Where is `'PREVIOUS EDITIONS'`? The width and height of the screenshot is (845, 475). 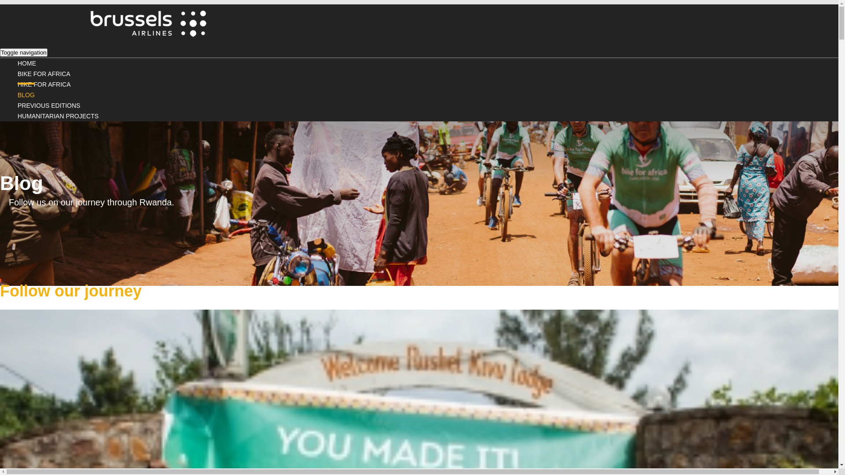
'PREVIOUS EDITIONS' is located at coordinates (48, 105).